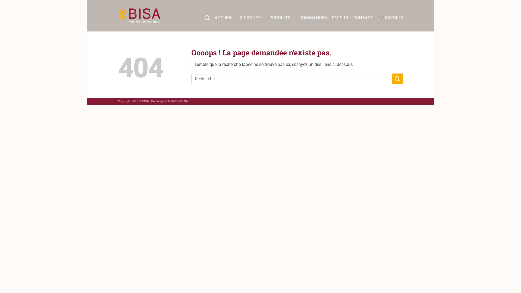 The height and width of the screenshot is (293, 521). Describe the element at coordinates (340, 17) in the screenshot. I see `'EMPLOI'` at that location.